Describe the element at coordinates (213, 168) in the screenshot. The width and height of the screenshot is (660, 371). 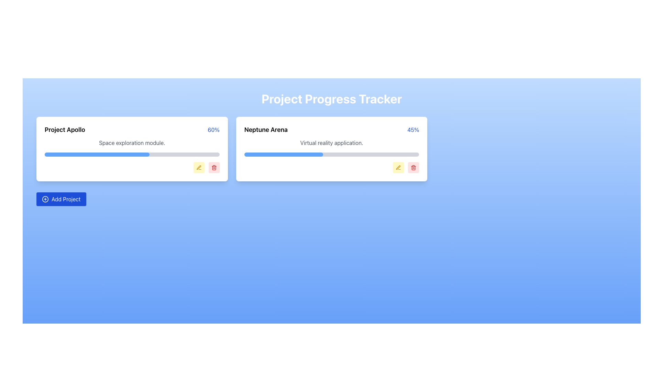
I see `the delete button located within the 'Project Apollo' card at the bottom-right corner adjacent to the yellow edit button` at that location.